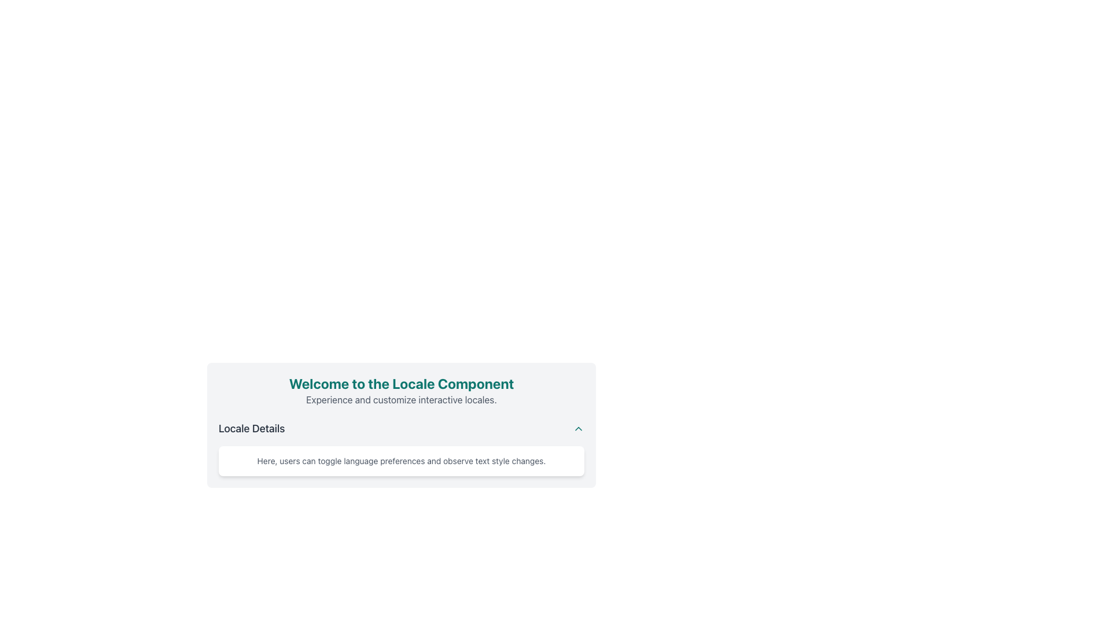  What do you see at coordinates (402, 399) in the screenshot?
I see `static text label that says 'Experience and customize interactive locales.' positioned directly beneath the heading 'Welcome to the Locale Component.'` at bounding box center [402, 399].